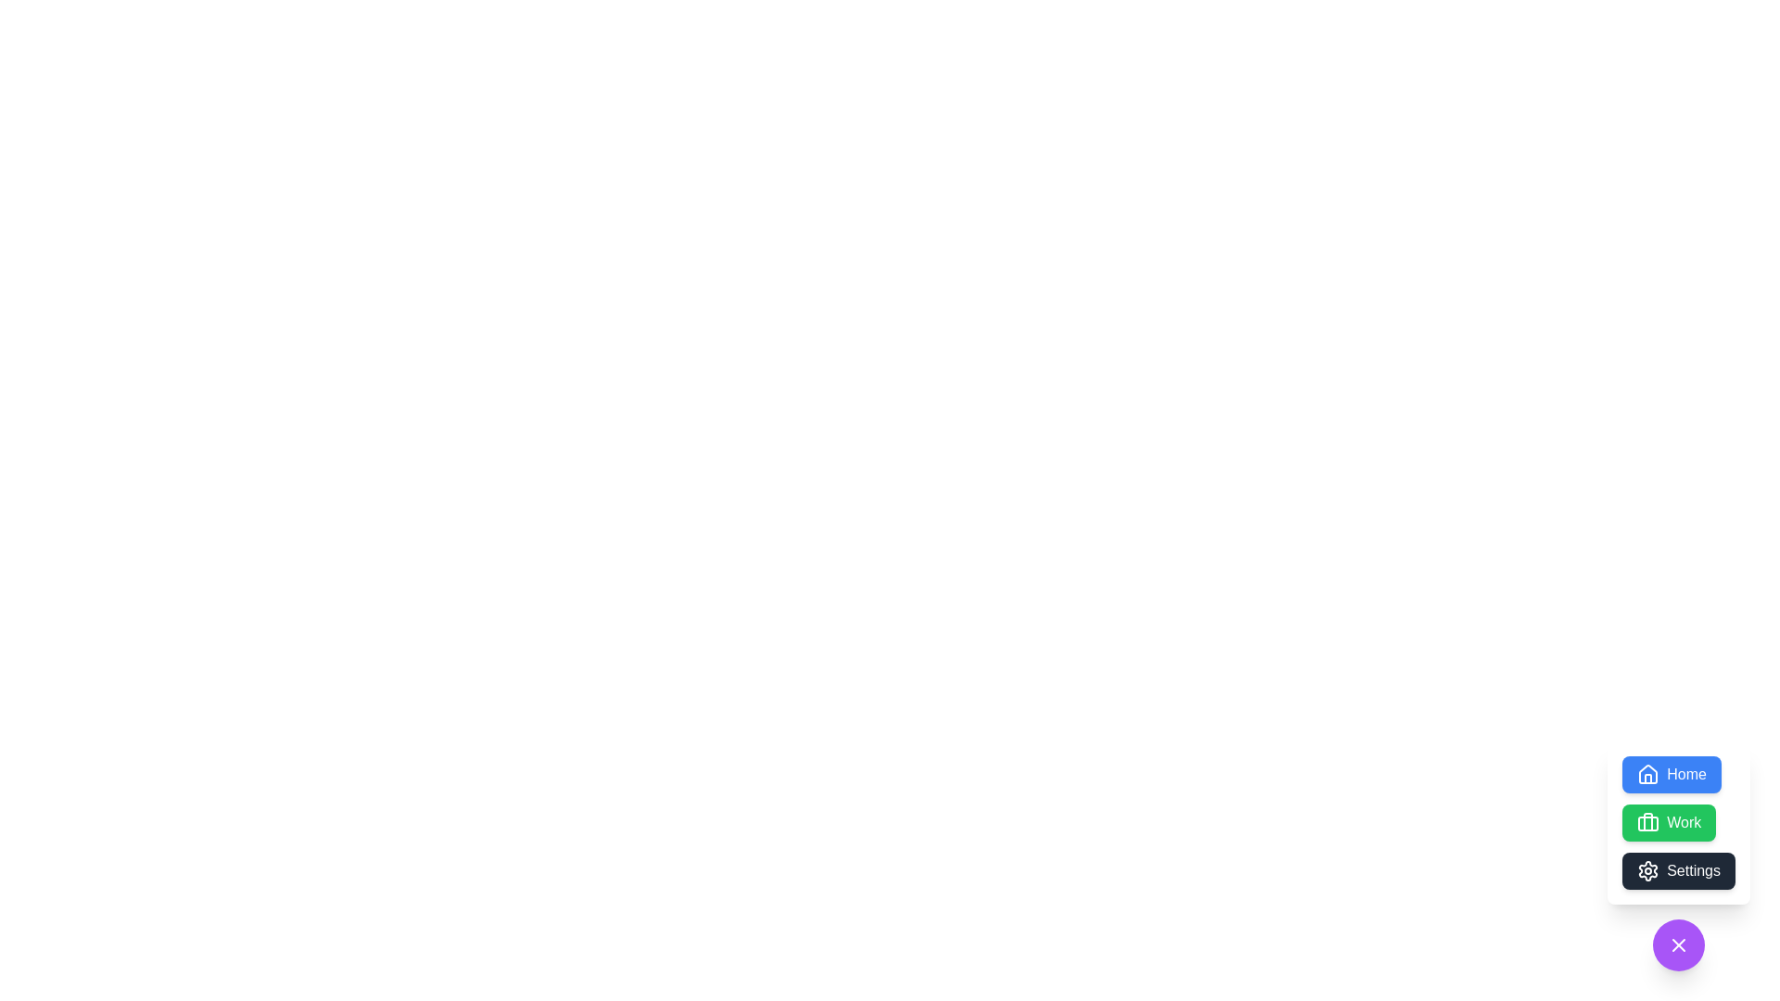 This screenshot has width=1780, height=1001. Describe the element at coordinates (1679, 944) in the screenshot. I see `the circular purple button with a white 'X' icon at the bottom-right corner of the vertical menu to activate the hover effect` at that location.